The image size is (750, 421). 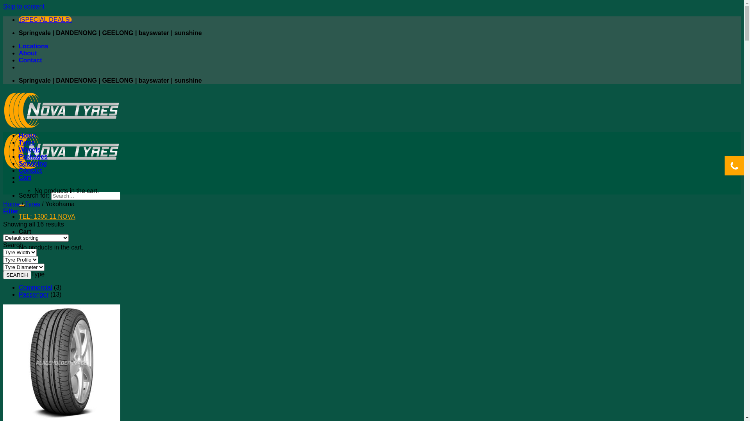 I want to click on 'Servicing', so click(x=32, y=163).